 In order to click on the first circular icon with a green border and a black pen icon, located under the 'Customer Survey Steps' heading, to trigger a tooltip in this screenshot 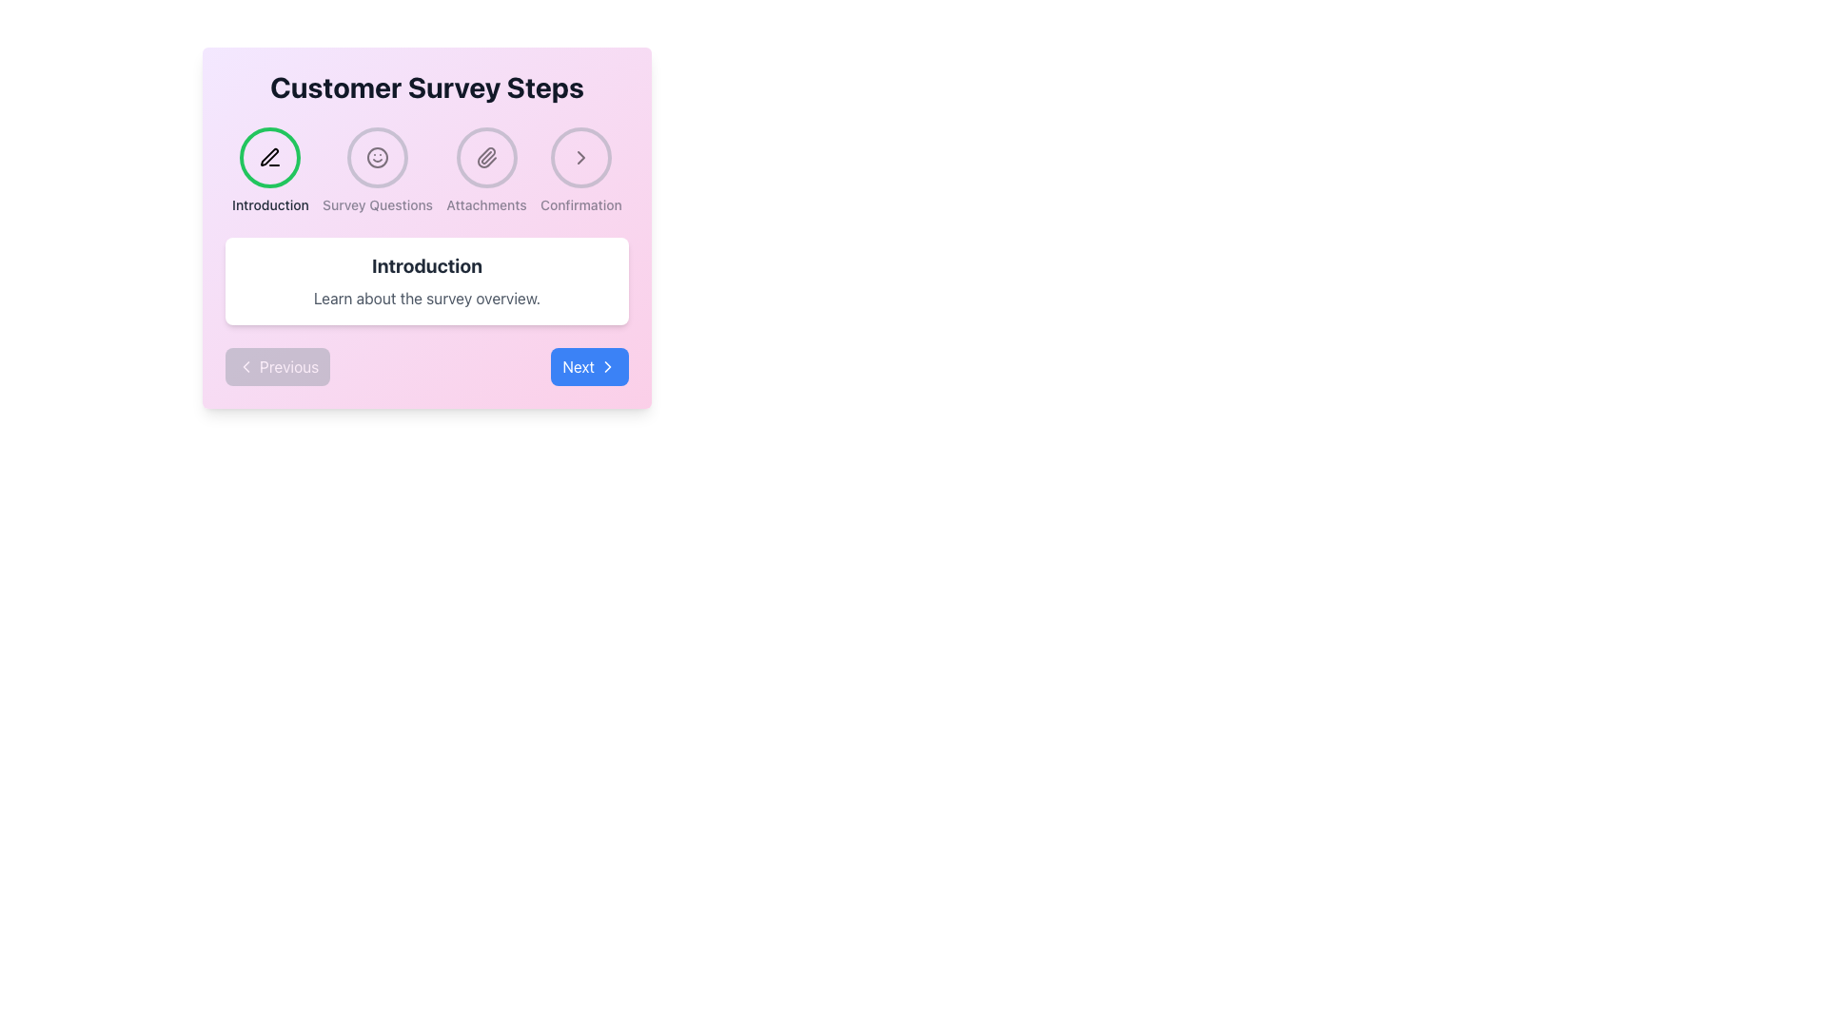, I will do `click(269, 156)`.